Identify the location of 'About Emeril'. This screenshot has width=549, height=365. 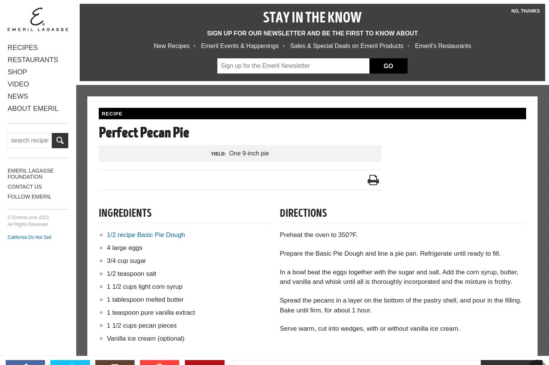
(33, 108).